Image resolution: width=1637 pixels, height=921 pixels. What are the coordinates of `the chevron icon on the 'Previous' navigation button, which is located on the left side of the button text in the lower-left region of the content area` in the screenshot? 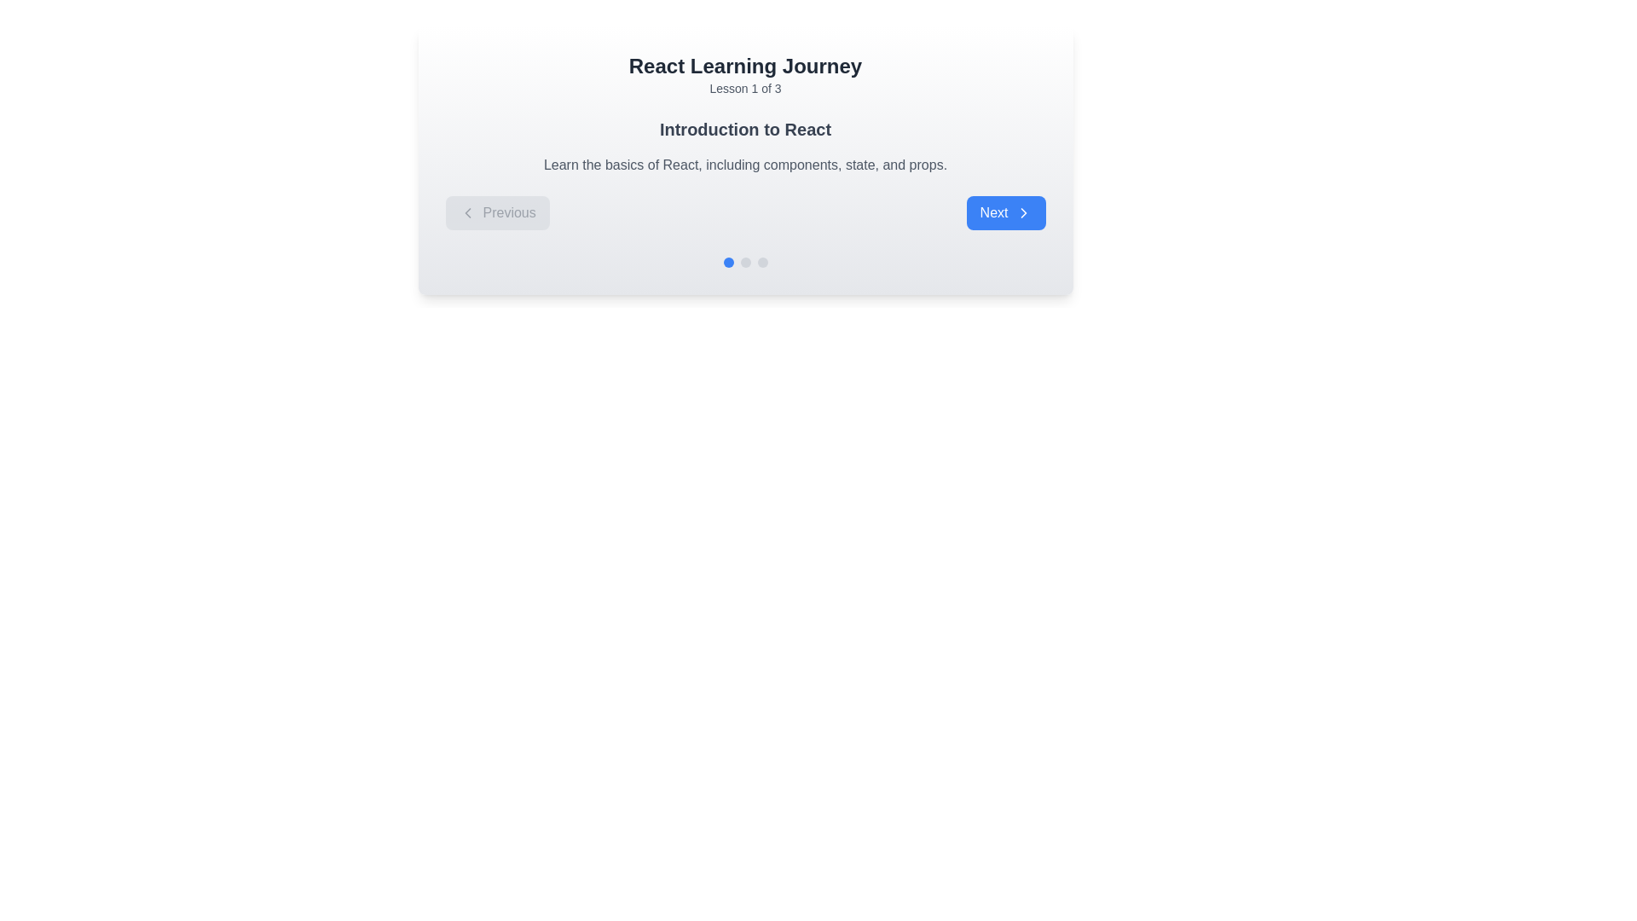 It's located at (467, 212).